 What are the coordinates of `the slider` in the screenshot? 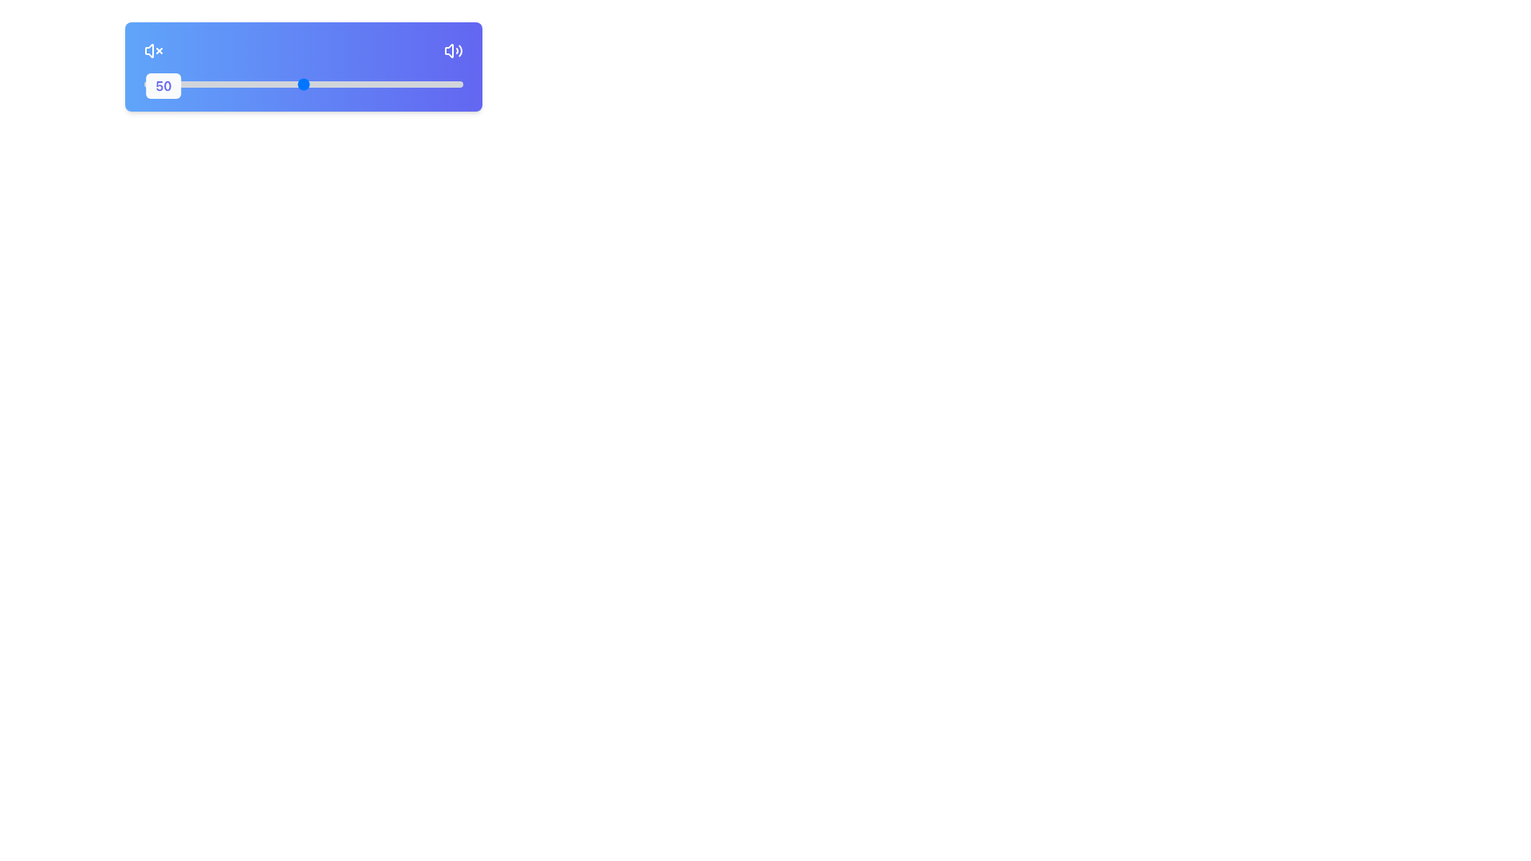 It's located at (455, 84).